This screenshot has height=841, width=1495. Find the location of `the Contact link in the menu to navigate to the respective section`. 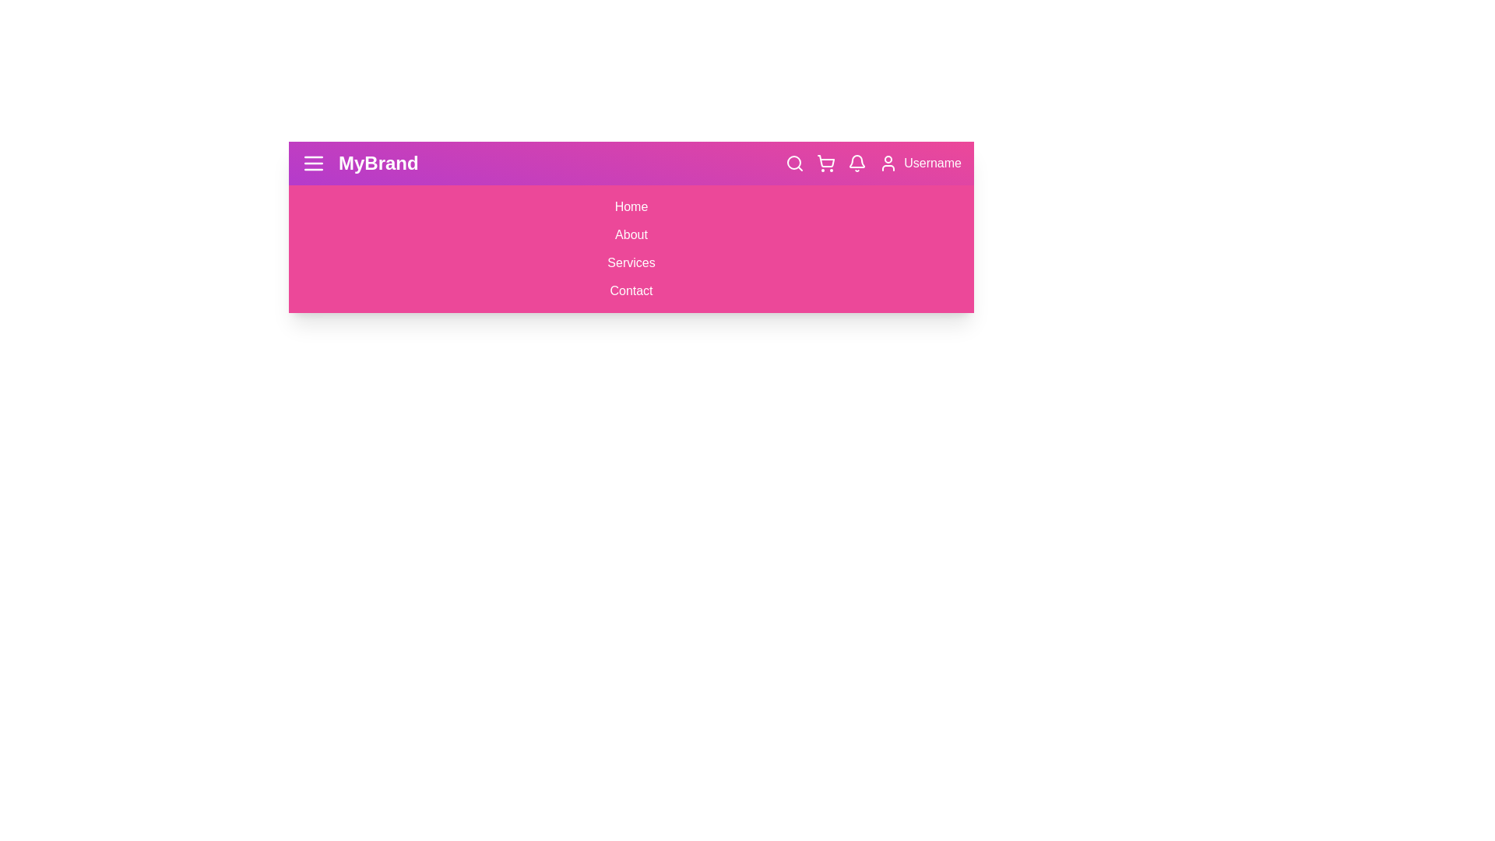

the Contact link in the menu to navigate to the respective section is located at coordinates (631, 291).